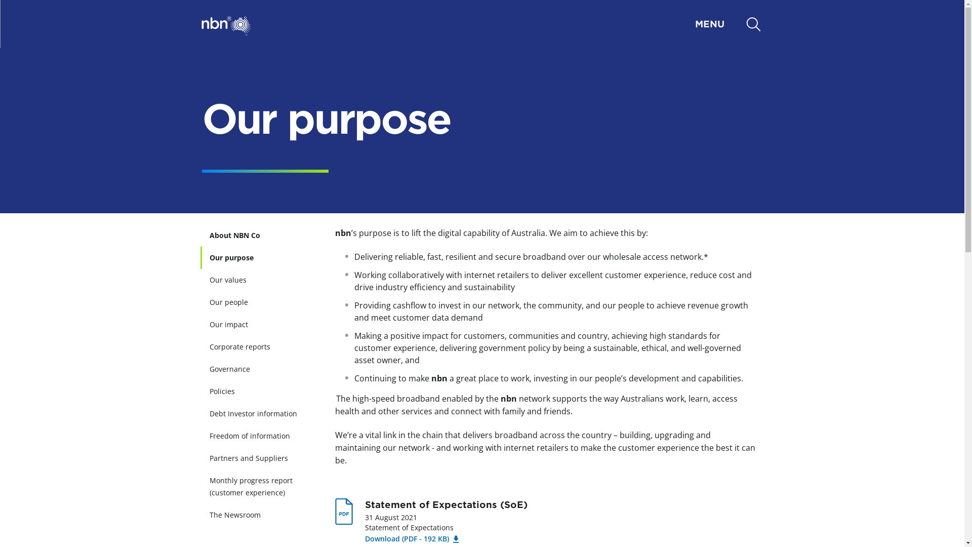 The width and height of the screenshot is (972, 547). What do you see at coordinates (259, 515) in the screenshot?
I see `'The Newsroom'` at bounding box center [259, 515].